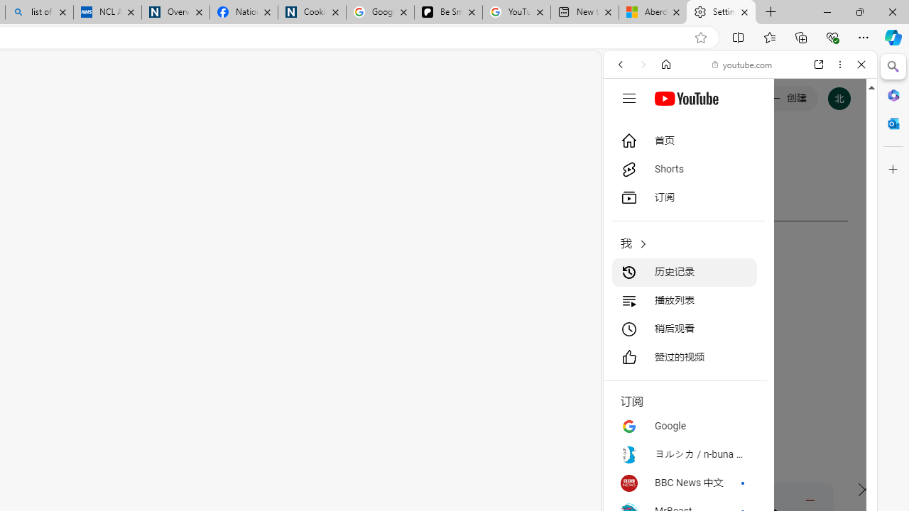  I want to click on 'Aberdeen, Hong Kong SAR hourly forecast | Microsoft Weather', so click(652, 12).